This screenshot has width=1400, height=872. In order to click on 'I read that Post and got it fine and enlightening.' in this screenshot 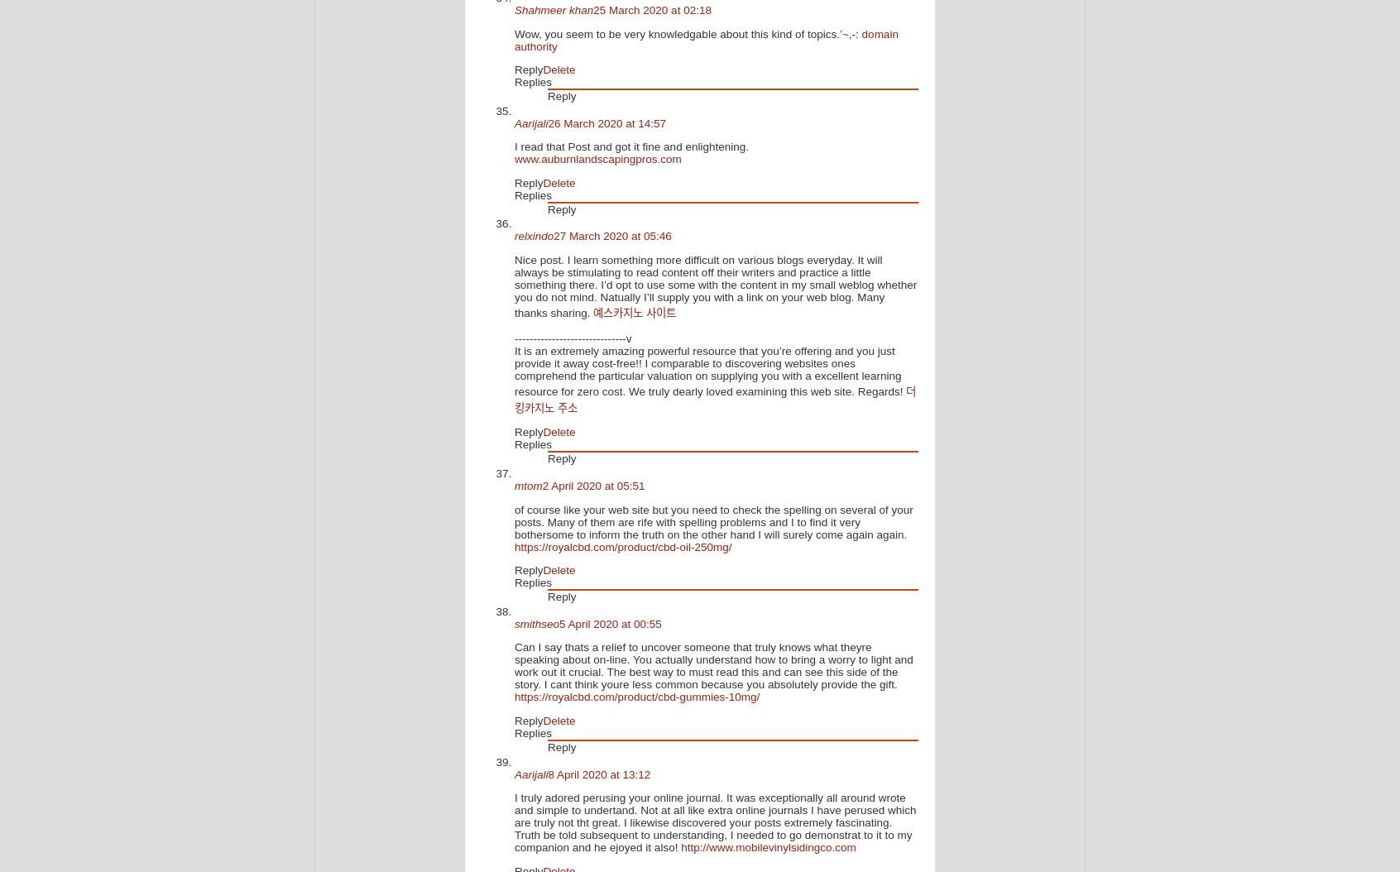, I will do `click(630, 146)`.